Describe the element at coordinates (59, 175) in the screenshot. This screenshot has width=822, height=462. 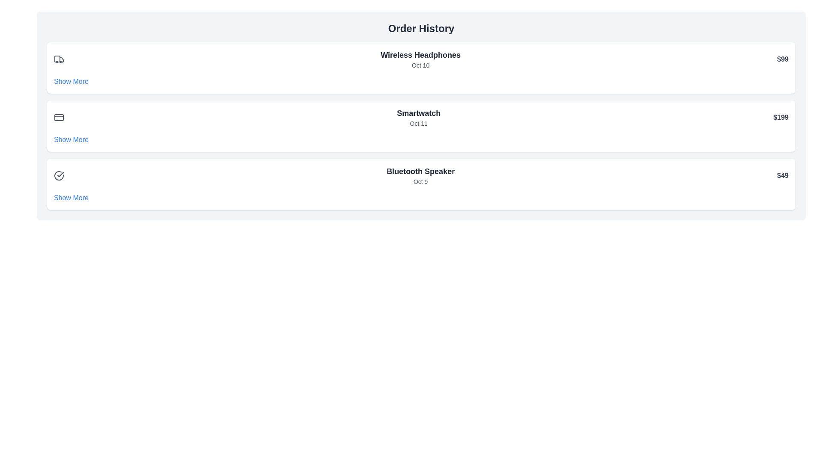
I see `the circular gray icon with a checkmark, located next to the 'Bluetooth Speaker' entry in the vertical list of product items` at that location.